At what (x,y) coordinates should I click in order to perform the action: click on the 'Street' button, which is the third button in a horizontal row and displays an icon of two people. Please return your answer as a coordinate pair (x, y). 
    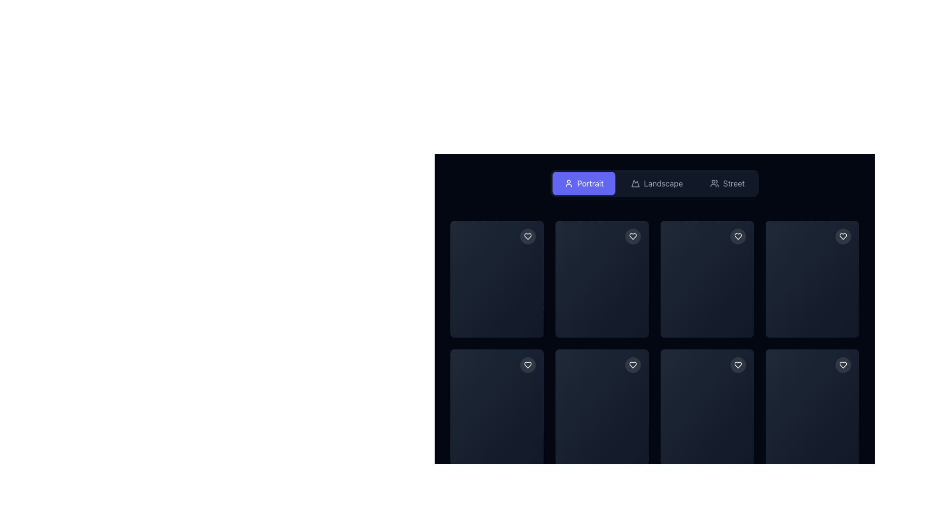
    Looking at the image, I should click on (727, 184).